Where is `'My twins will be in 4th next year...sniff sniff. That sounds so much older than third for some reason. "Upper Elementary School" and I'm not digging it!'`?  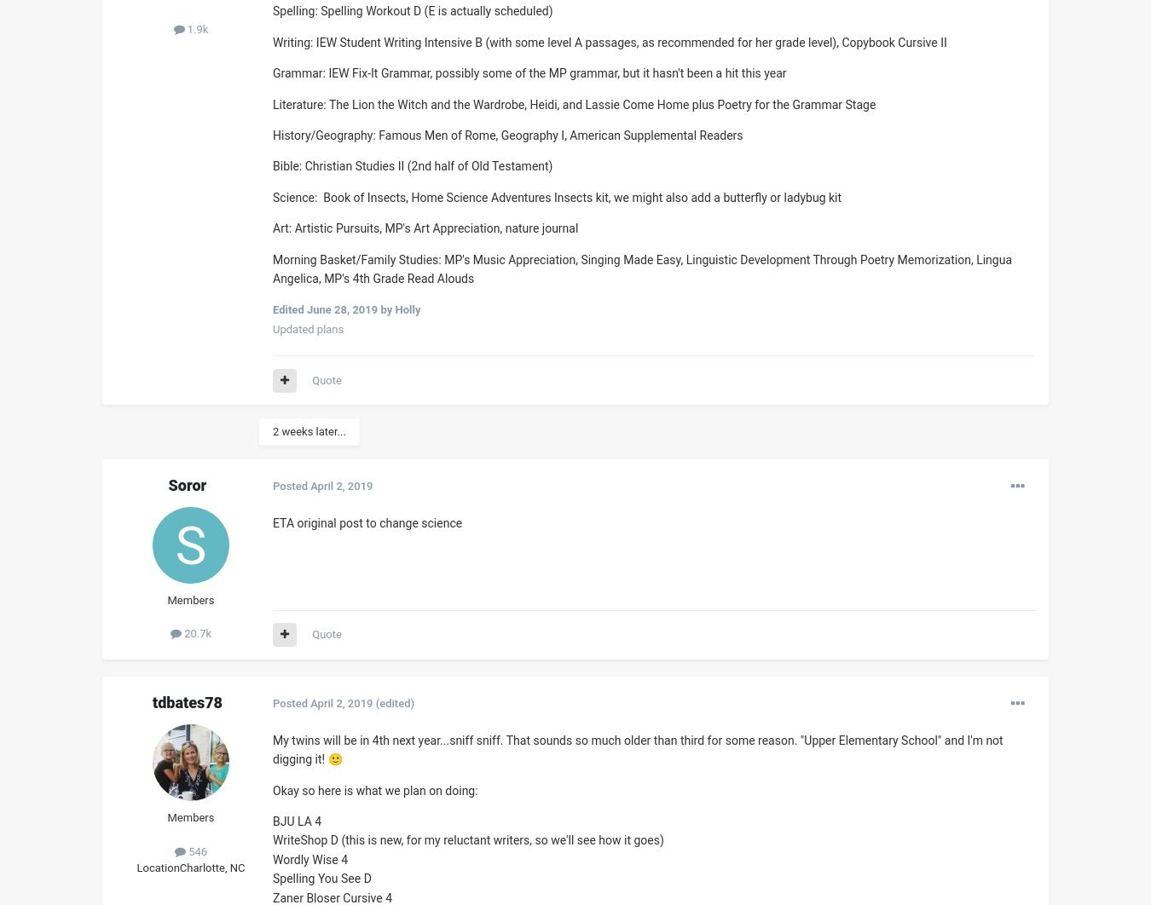
'My twins will be in 4th next year...sniff sniff. That sounds so much older than third for some reason. "Upper Elementary School" and I'm not digging it!' is located at coordinates (637, 748).